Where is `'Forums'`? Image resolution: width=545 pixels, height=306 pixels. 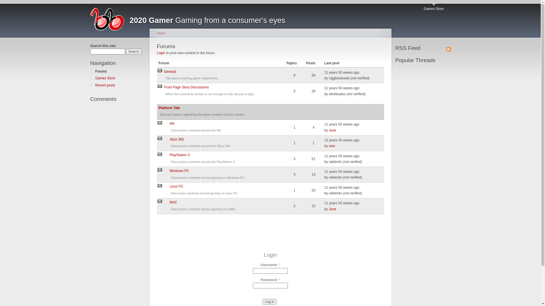
'Forums' is located at coordinates (95, 71).